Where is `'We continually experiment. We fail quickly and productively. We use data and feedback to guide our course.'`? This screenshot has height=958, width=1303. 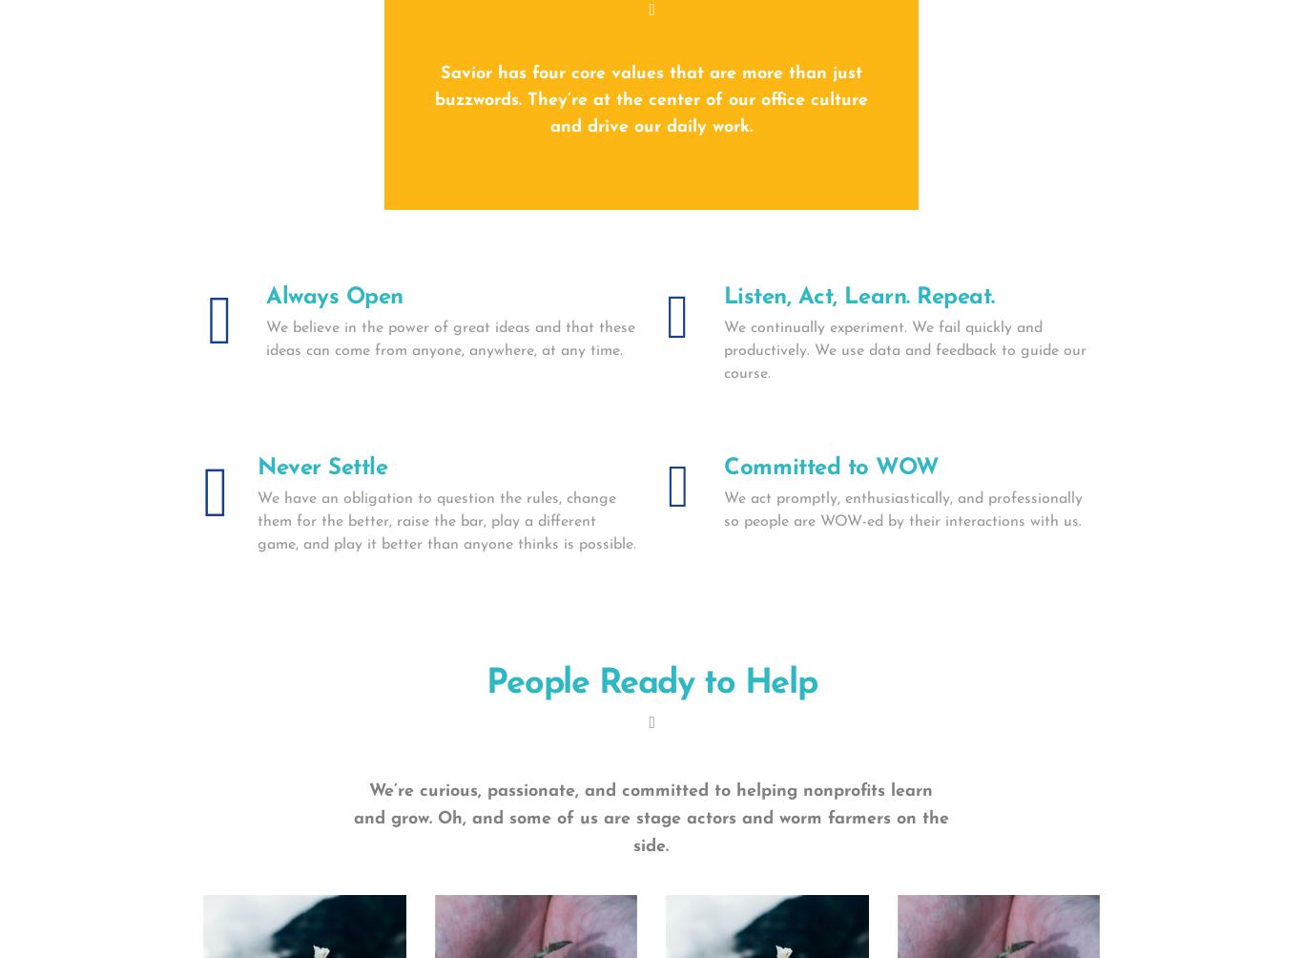 'We continually experiment. We fail quickly and productively. We use data and feedback to guide our course.' is located at coordinates (904, 350).